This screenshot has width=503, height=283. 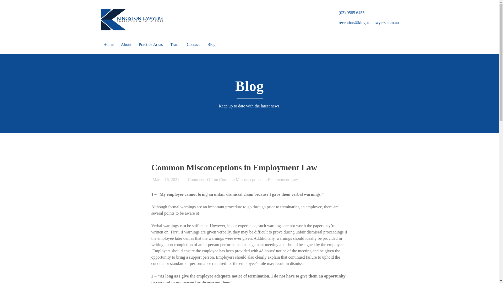 I want to click on 'Blog', so click(x=204, y=44).